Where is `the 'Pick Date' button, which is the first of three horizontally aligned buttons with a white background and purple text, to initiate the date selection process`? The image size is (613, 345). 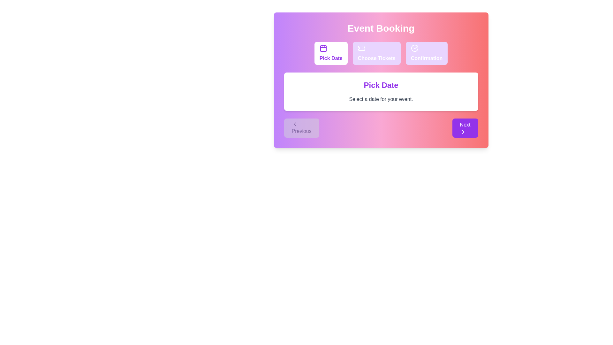 the 'Pick Date' button, which is the first of three horizontally aligned buttons with a white background and purple text, to initiate the date selection process is located at coordinates (331, 53).